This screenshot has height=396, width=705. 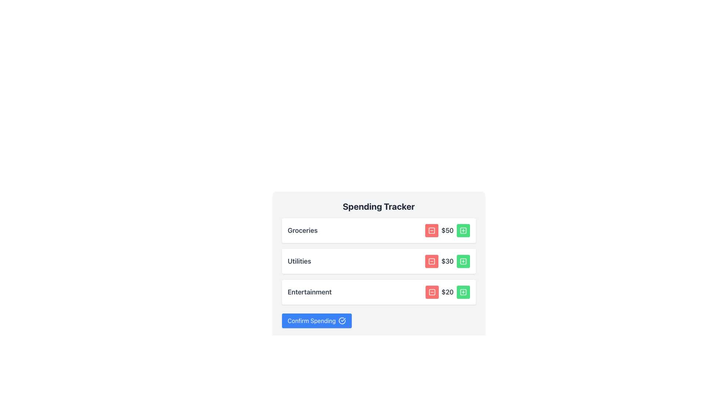 I want to click on the square icon with a red background and a minus symbol inside, located in the 'Entertainment' row of the application interface, to decrease the value, so click(x=432, y=292).